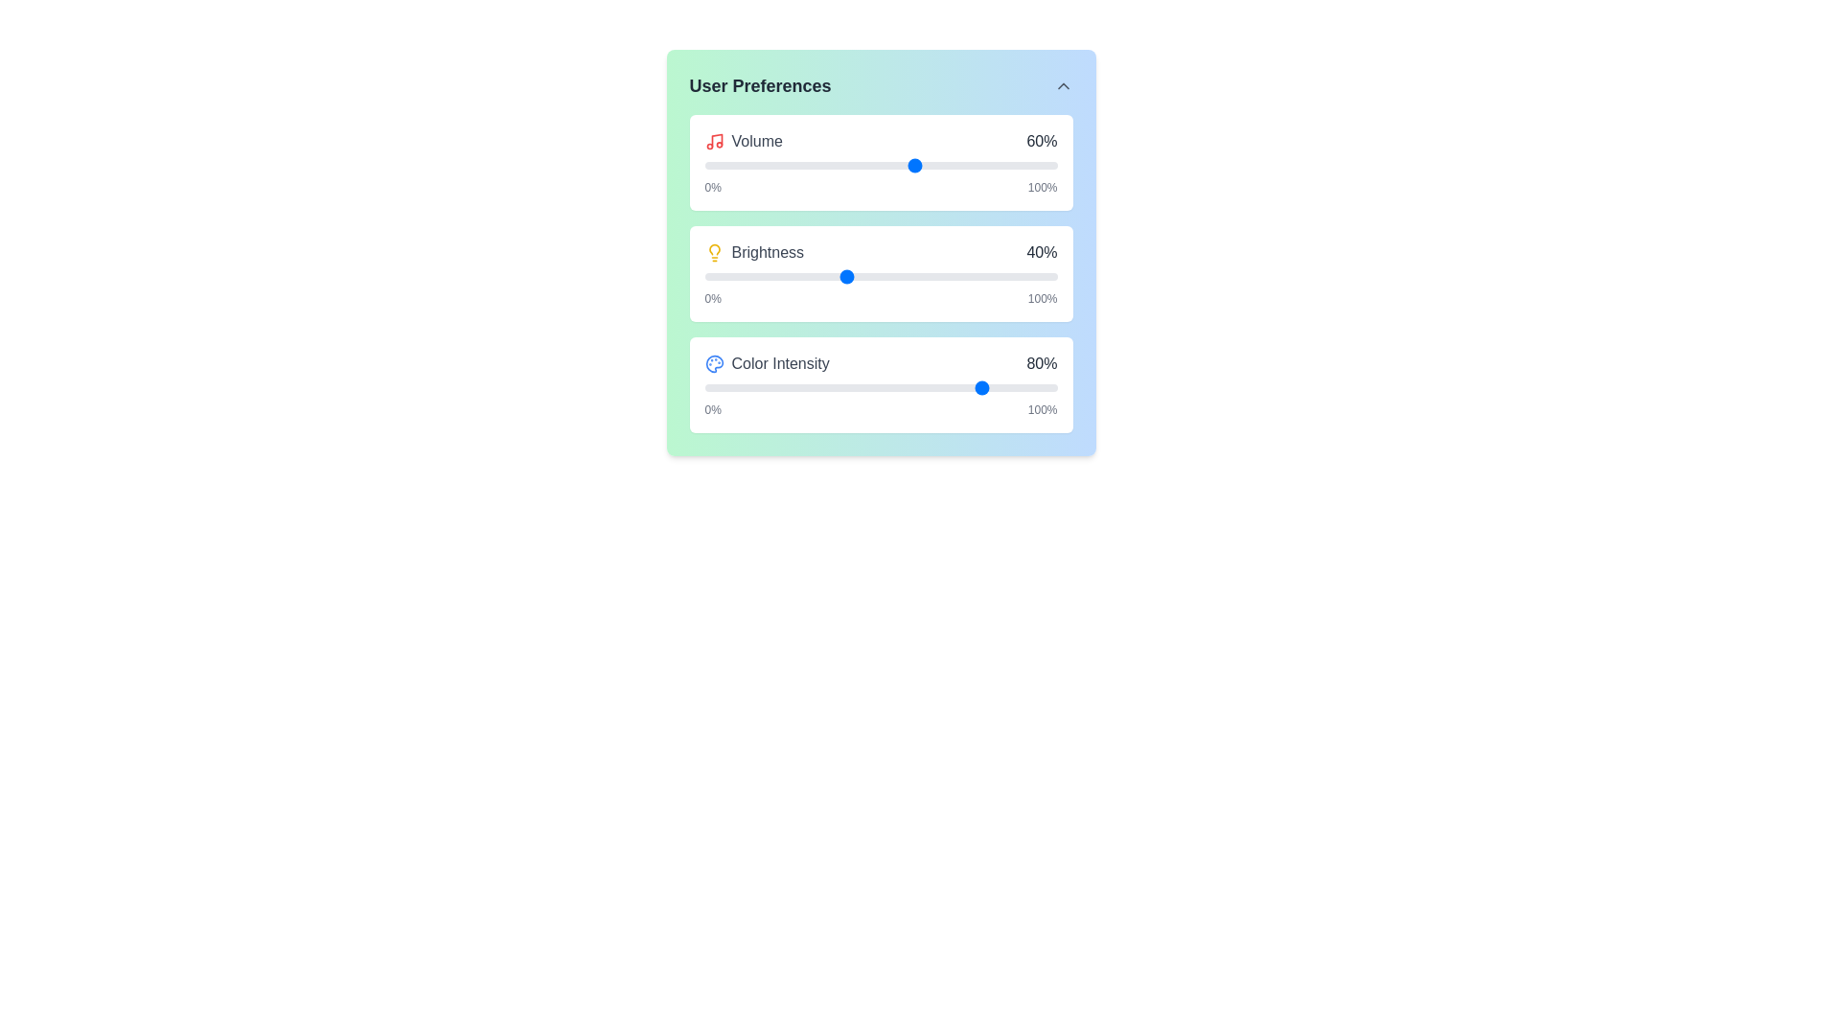 The width and height of the screenshot is (1840, 1035). Describe the element at coordinates (865, 165) in the screenshot. I see `the volume` at that location.